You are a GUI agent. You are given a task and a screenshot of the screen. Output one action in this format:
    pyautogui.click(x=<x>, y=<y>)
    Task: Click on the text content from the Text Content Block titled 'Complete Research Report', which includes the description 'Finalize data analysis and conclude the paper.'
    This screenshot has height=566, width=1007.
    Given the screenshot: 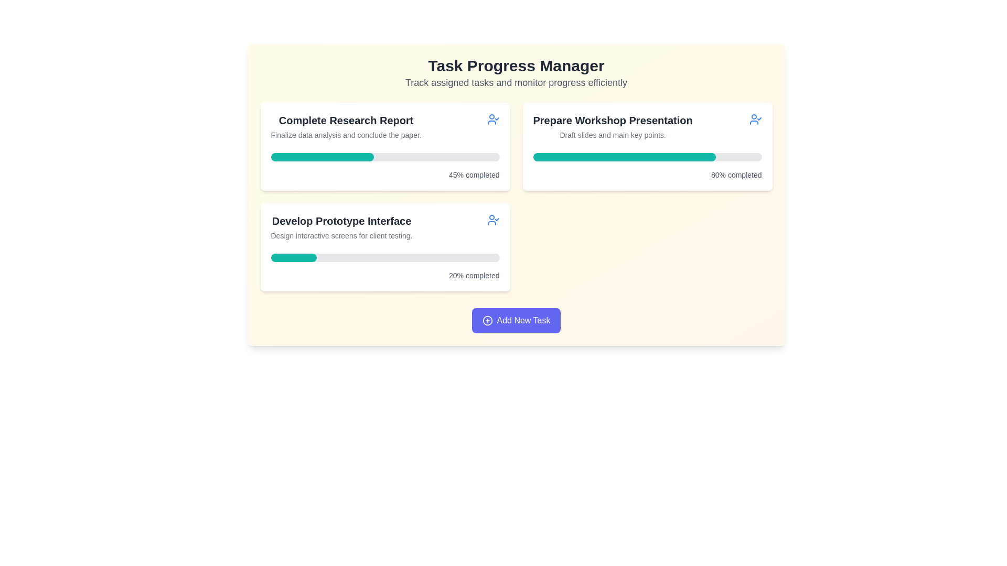 What is the action you would take?
    pyautogui.click(x=384, y=126)
    